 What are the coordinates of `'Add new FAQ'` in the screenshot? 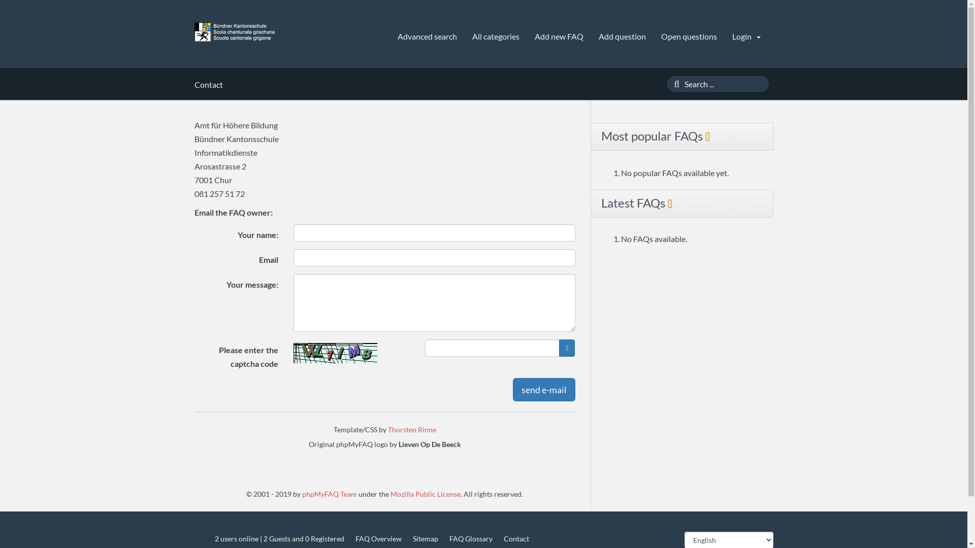 It's located at (558, 36).